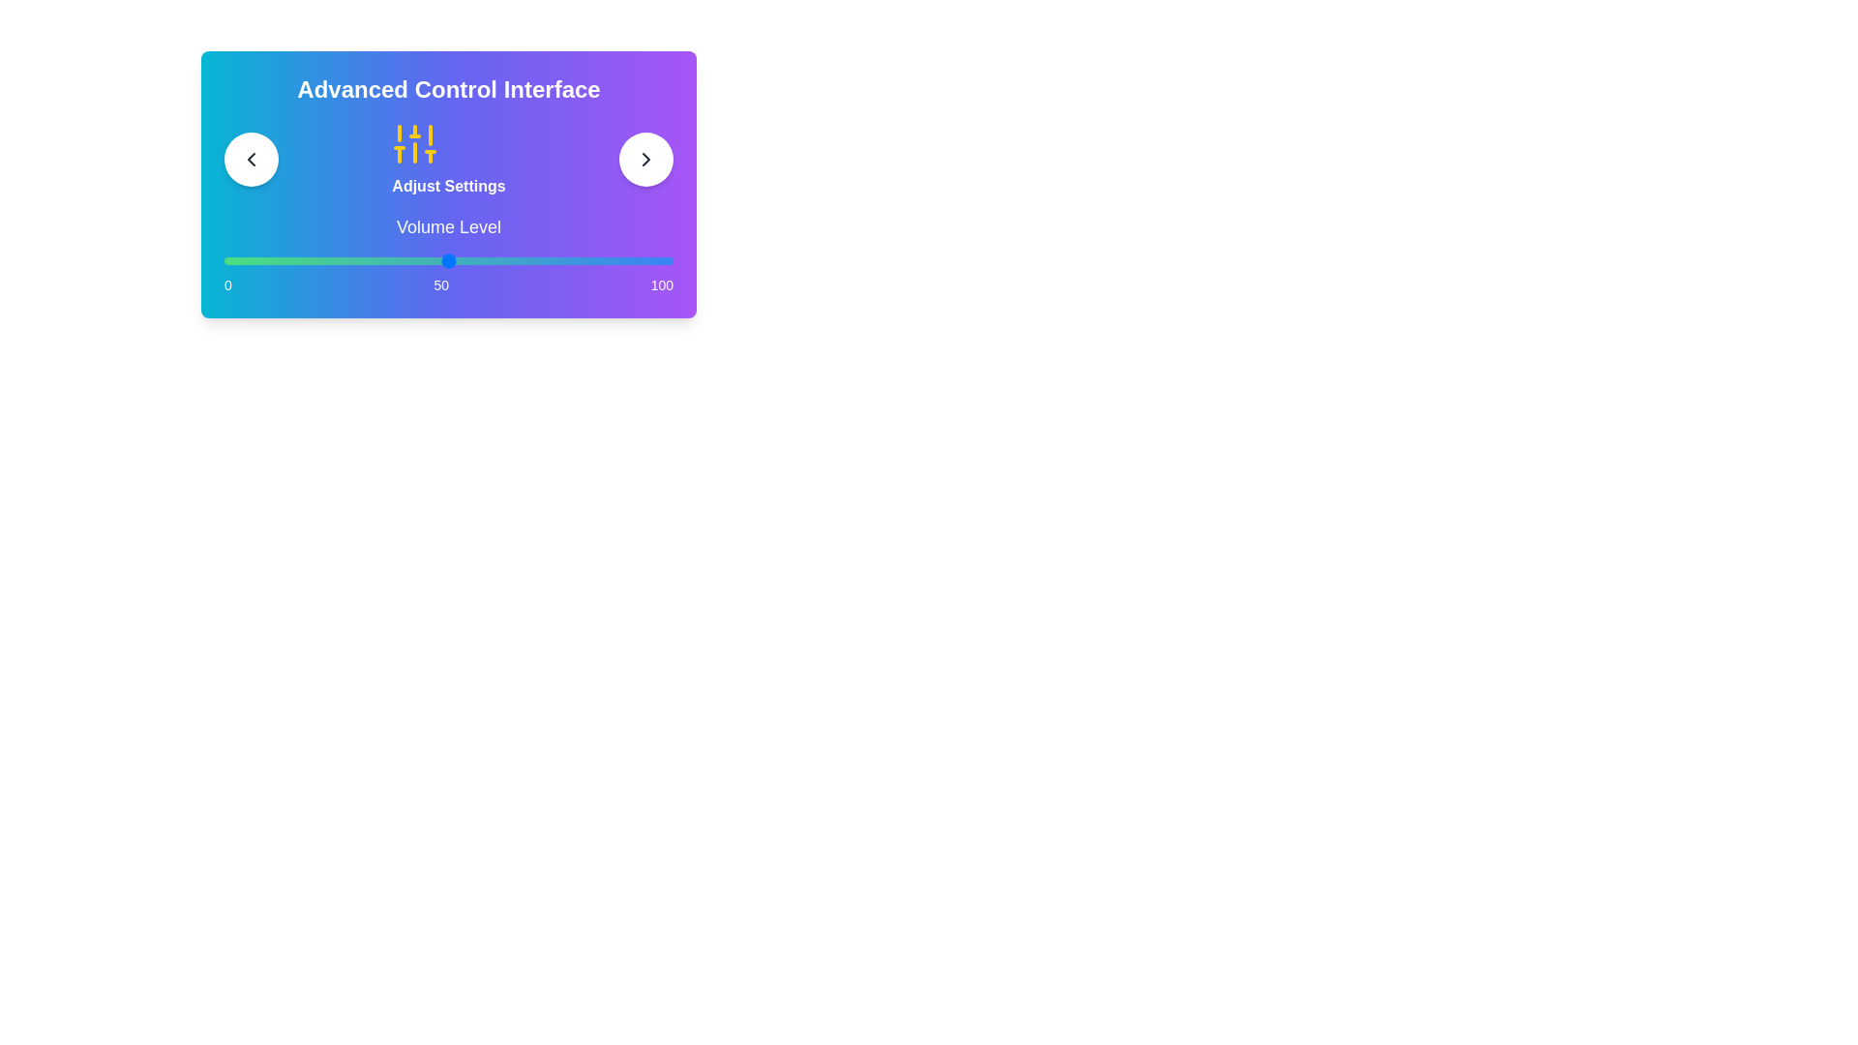  Describe the element at coordinates (610, 261) in the screenshot. I see `the slider to set the value to 86` at that location.